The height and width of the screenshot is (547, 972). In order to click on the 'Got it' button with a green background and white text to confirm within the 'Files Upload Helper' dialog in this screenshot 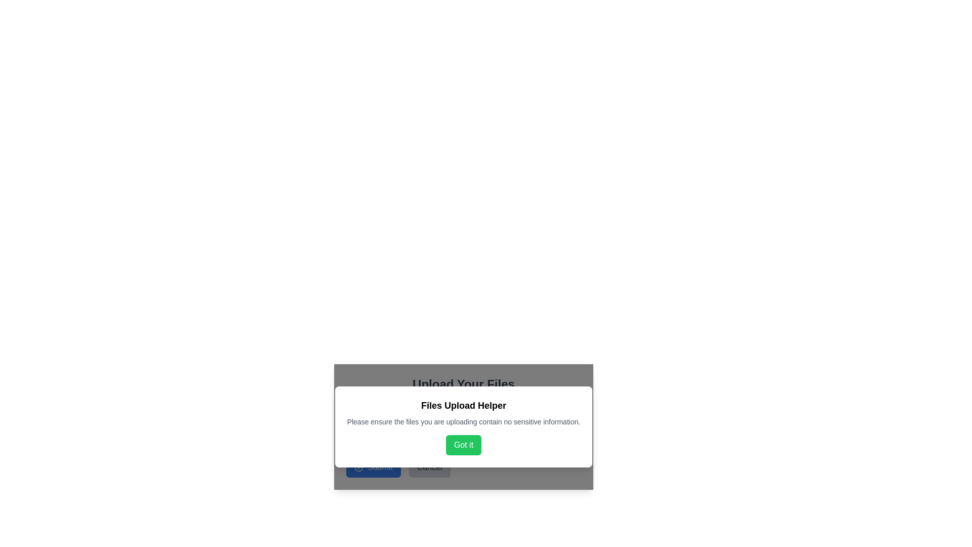, I will do `click(463, 445)`.